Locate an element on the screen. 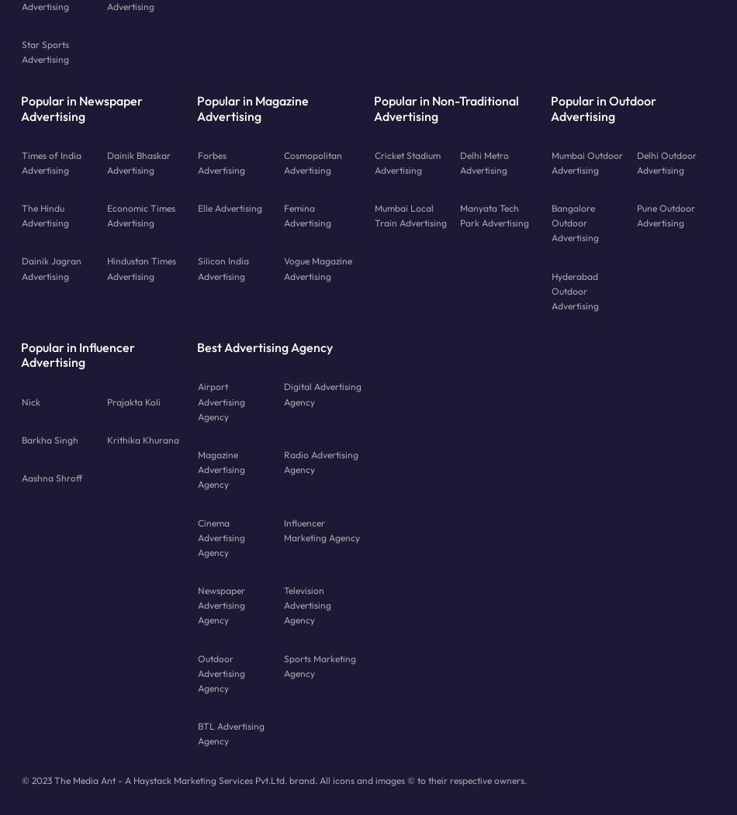 This screenshot has height=815, width=737. 'Femina Advertising' is located at coordinates (306, 215).